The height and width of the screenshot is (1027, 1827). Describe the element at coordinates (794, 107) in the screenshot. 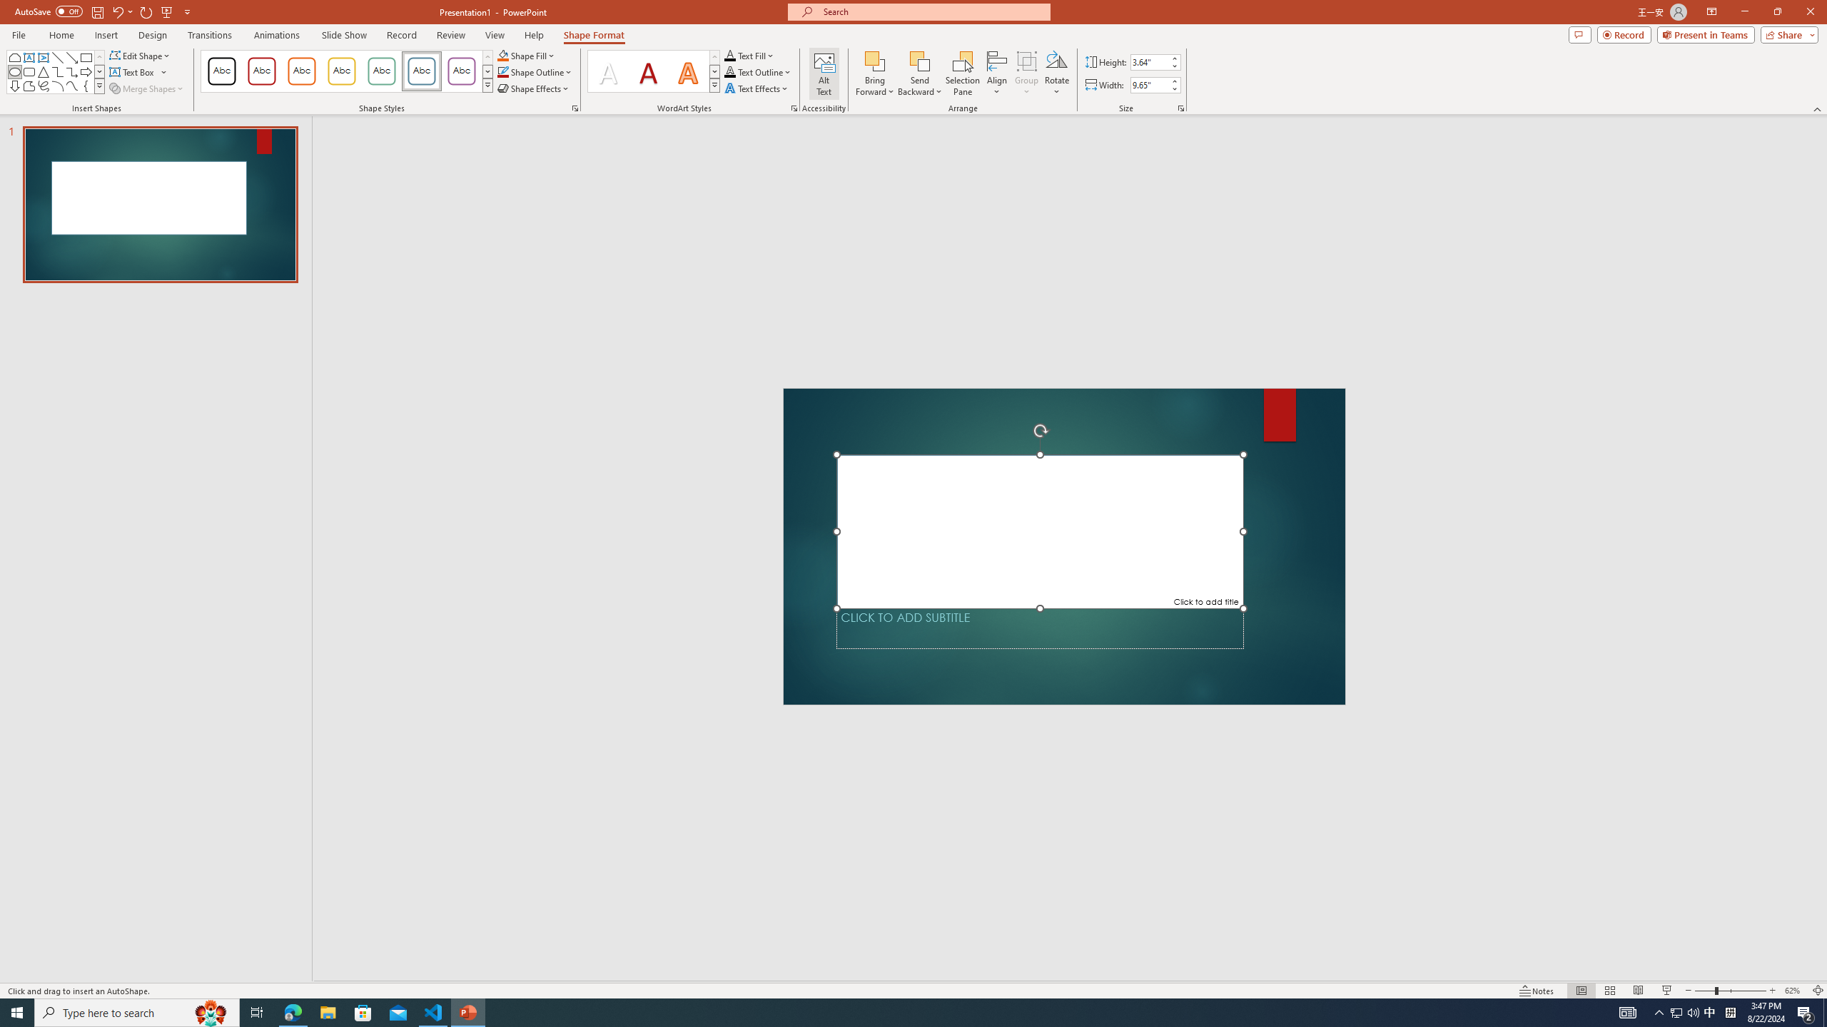

I see `'Format Text Effects...'` at that location.